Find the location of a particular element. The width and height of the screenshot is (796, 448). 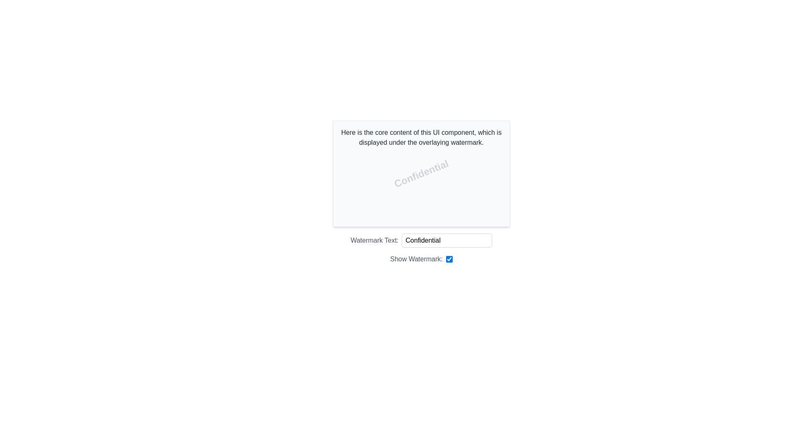

the text label that reads 'Show Watermark:', styled with a gray font color and medium size, which is positioned near the center bottom of the UI, above a checkbox is located at coordinates (416, 258).